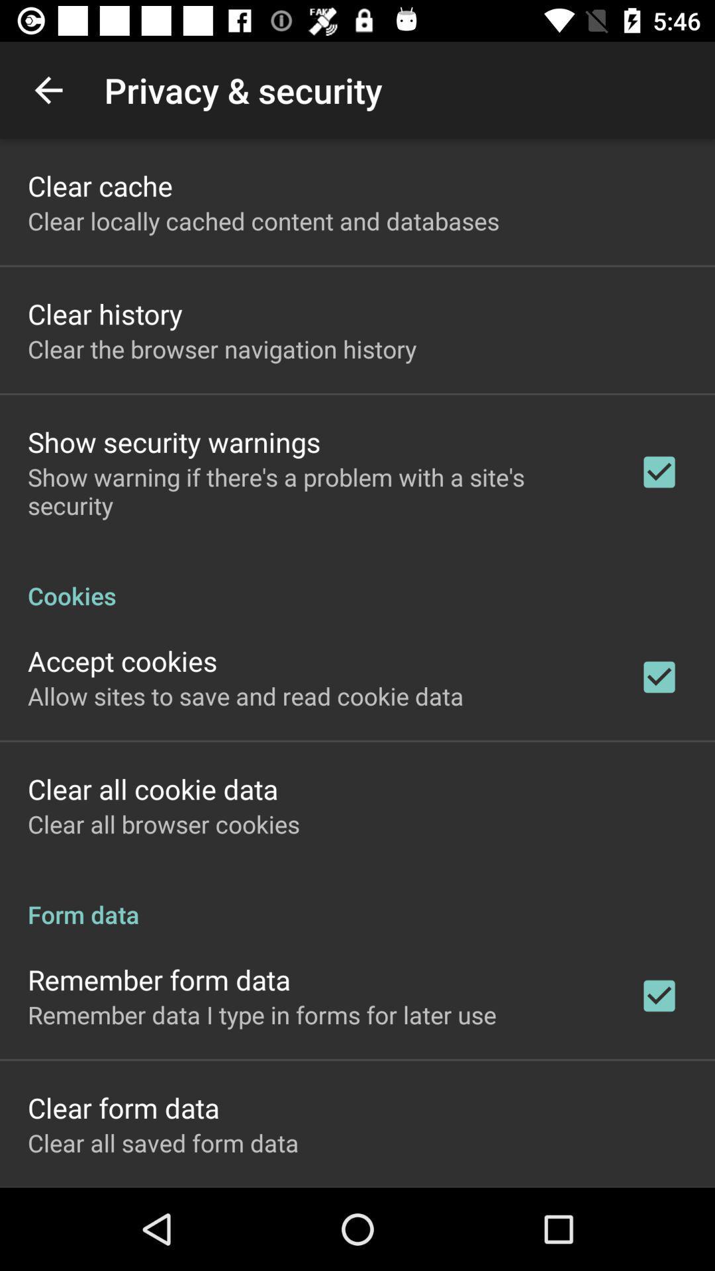 The width and height of the screenshot is (715, 1271). What do you see at coordinates (99, 185) in the screenshot?
I see `clear cache icon` at bounding box center [99, 185].